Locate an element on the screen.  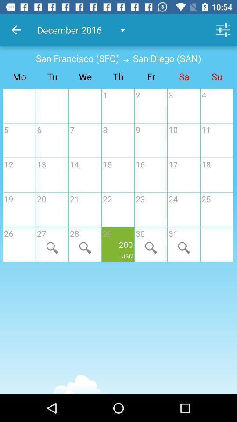
the item to the left of the december 2016 is located at coordinates (16, 30).